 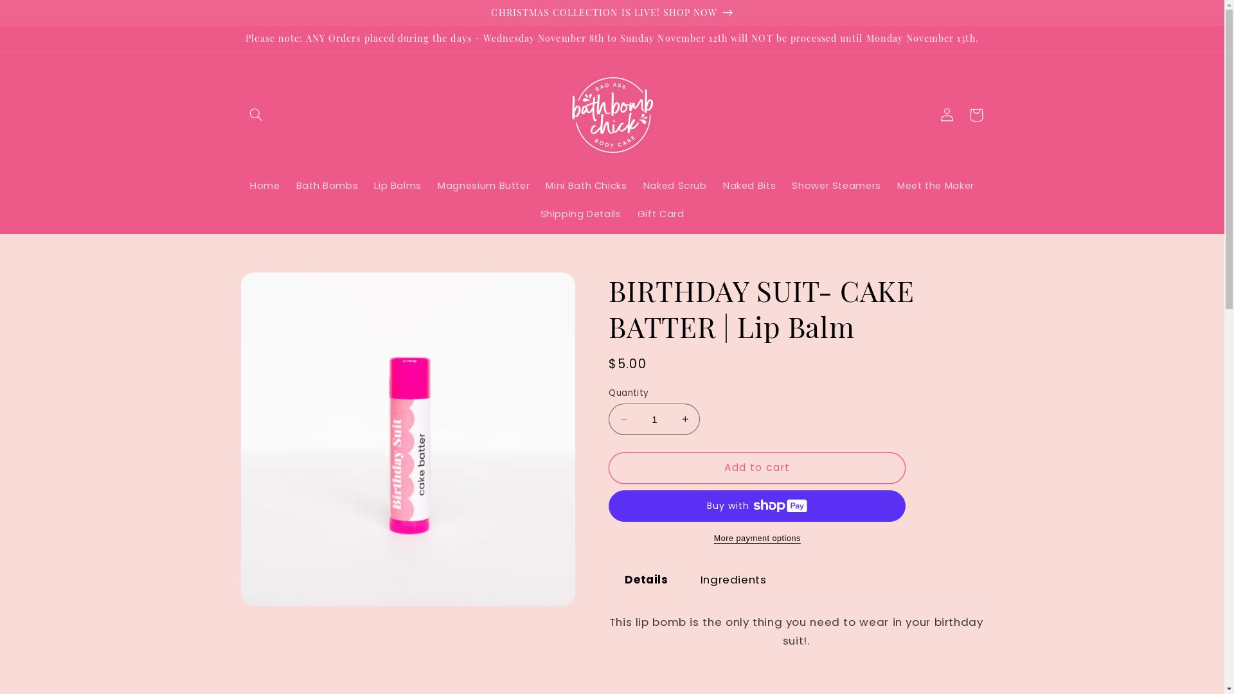 I want to click on 'CHRISTMAS COLLECTION IS LIVE! SHOP NOW', so click(x=611, y=12).